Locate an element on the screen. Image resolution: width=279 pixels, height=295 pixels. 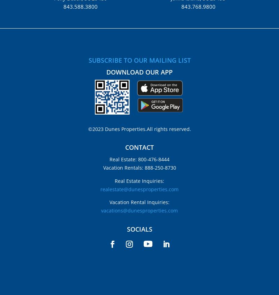
'Real Estate Inquiries:' is located at coordinates (139, 180).